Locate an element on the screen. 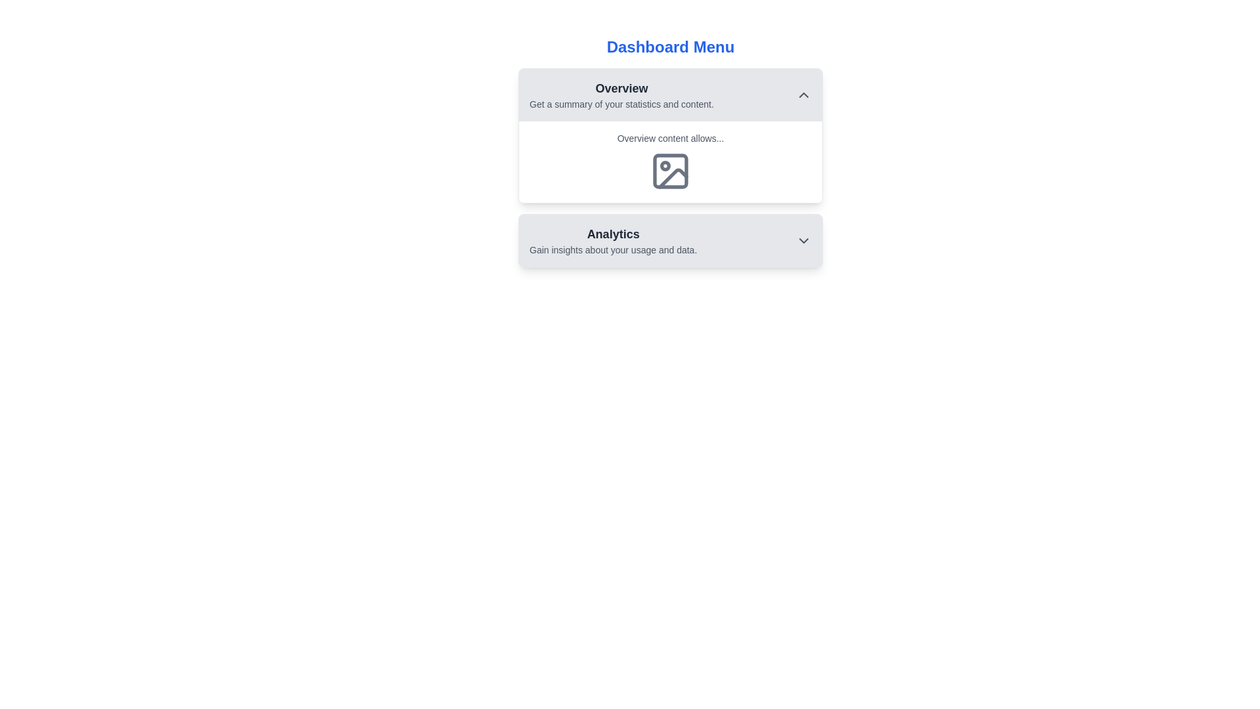 The width and height of the screenshot is (1260, 709). the static text label that reads 'Gain insights about your usage and data.', which is located beneath the title 'Analytics' in the middle-right section of a collapsible card interface is located at coordinates (612, 250).